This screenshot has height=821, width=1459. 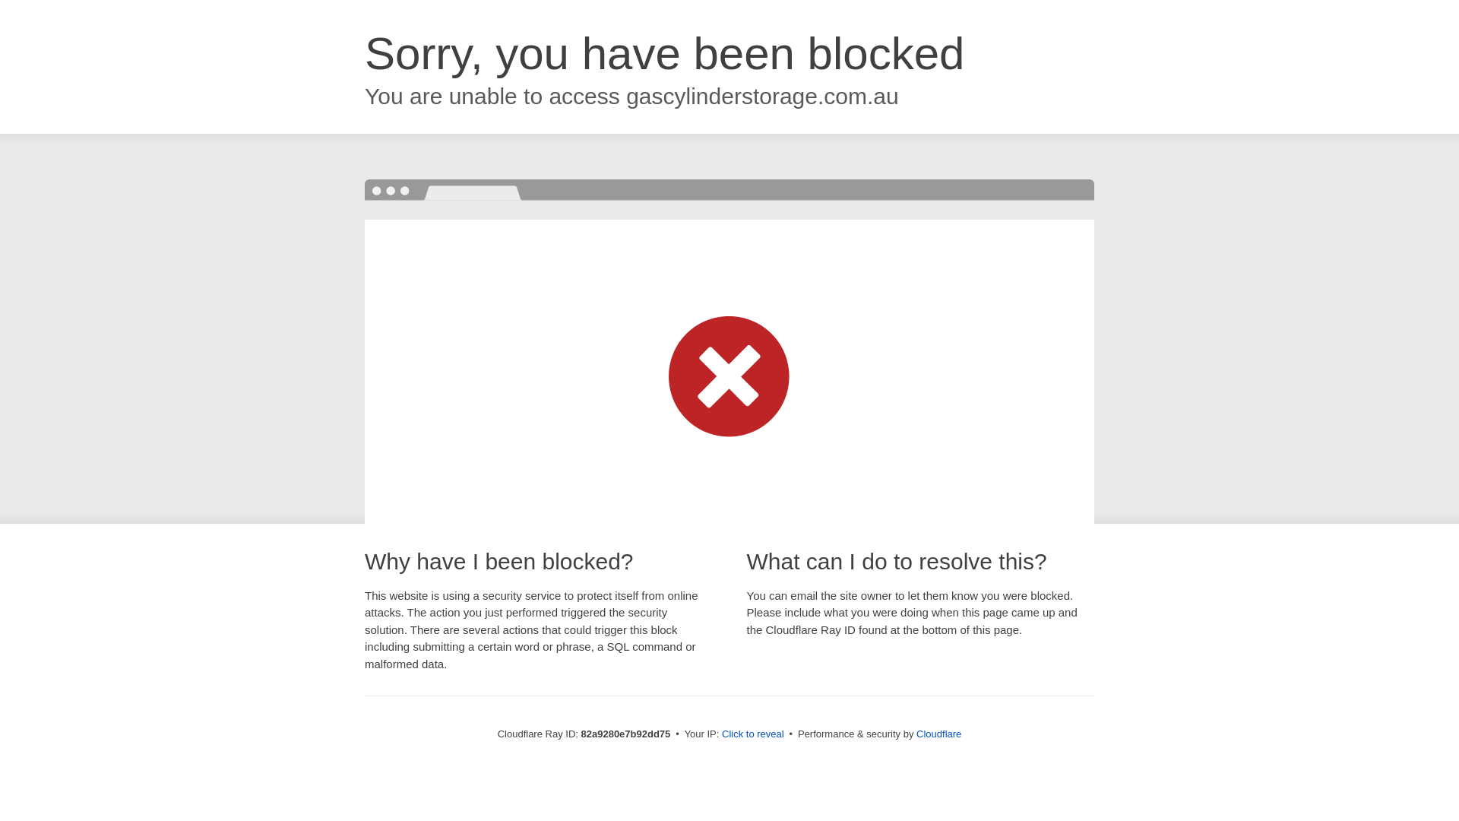 What do you see at coordinates (721, 733) in the screenshot?
I see `'Click to reveal'` at bounding box center [721, 733].